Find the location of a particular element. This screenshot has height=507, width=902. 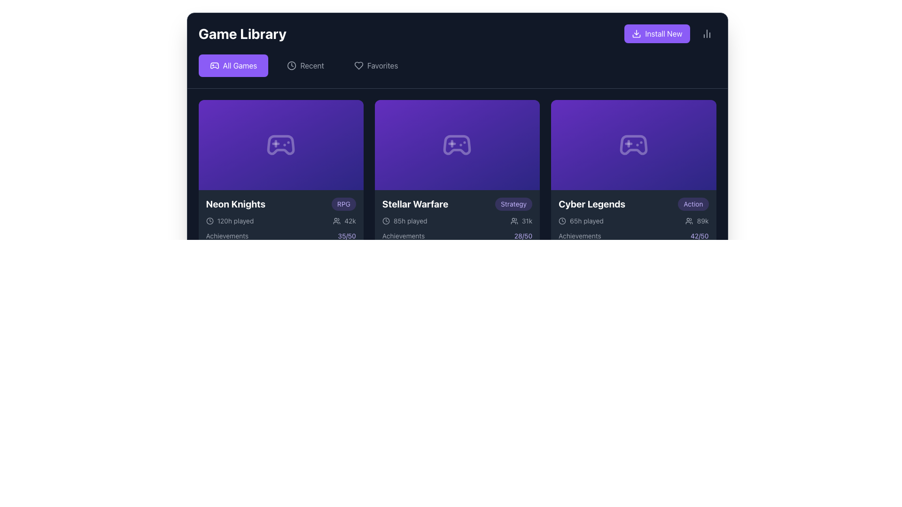

text displayed in the '65h played' text label, which is shown in a small-sized sans-serif font and is located below the 'Cyber Legends' card is located at coordinates (586, 221).